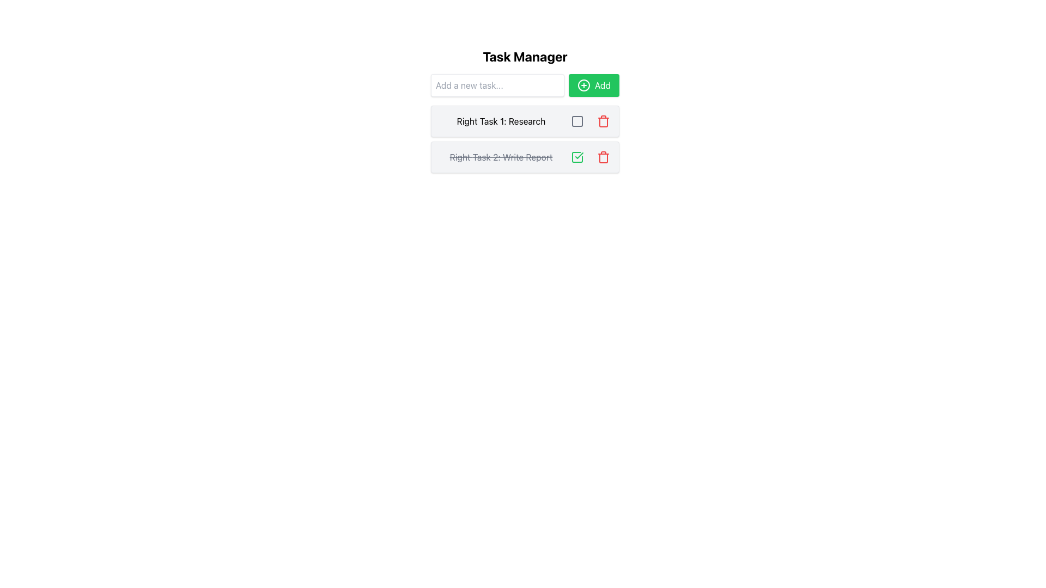 The height and width of the screenshot is (588, 1046). What do you see at coordinates (603, 157) in the screenshot?
I see `the delete button located in the second position of the right column, aligned with the task entry 'Right Task 2: Write Report'` at bounding box center [603, 157].